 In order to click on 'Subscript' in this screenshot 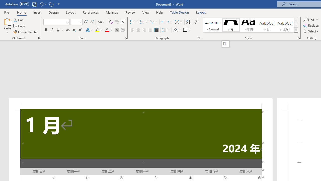, I will do `click(74, 30)`.